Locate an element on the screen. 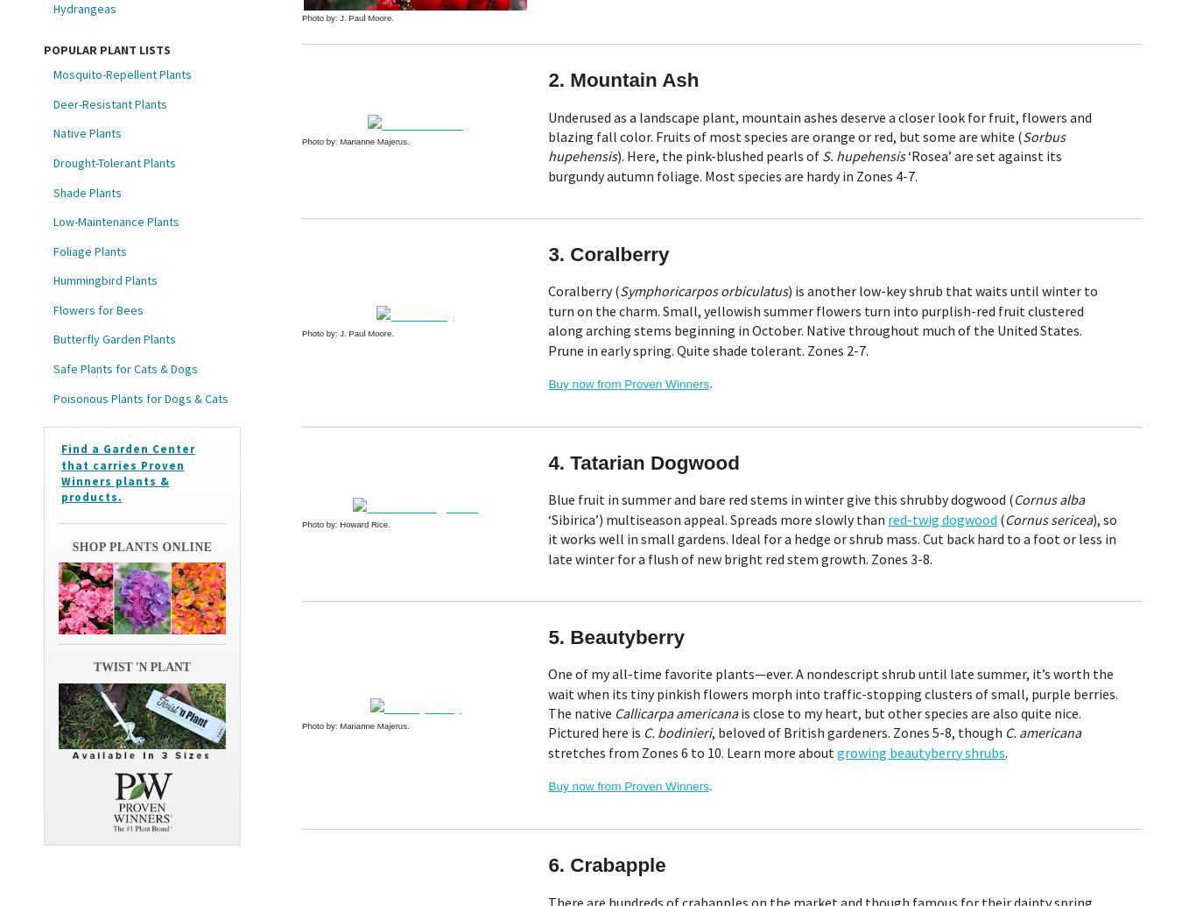  'Terms and Conditions' is located at coordinates (786, 779).